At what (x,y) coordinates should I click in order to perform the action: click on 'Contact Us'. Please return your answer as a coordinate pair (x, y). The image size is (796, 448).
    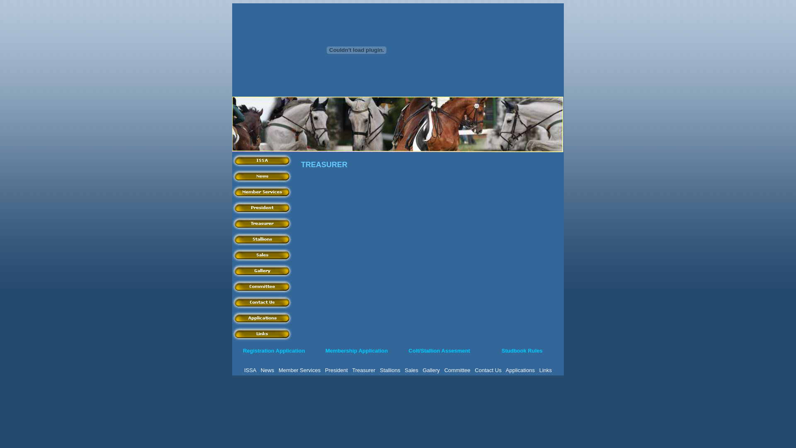
    Looking at the image, I should click on (262, 302).